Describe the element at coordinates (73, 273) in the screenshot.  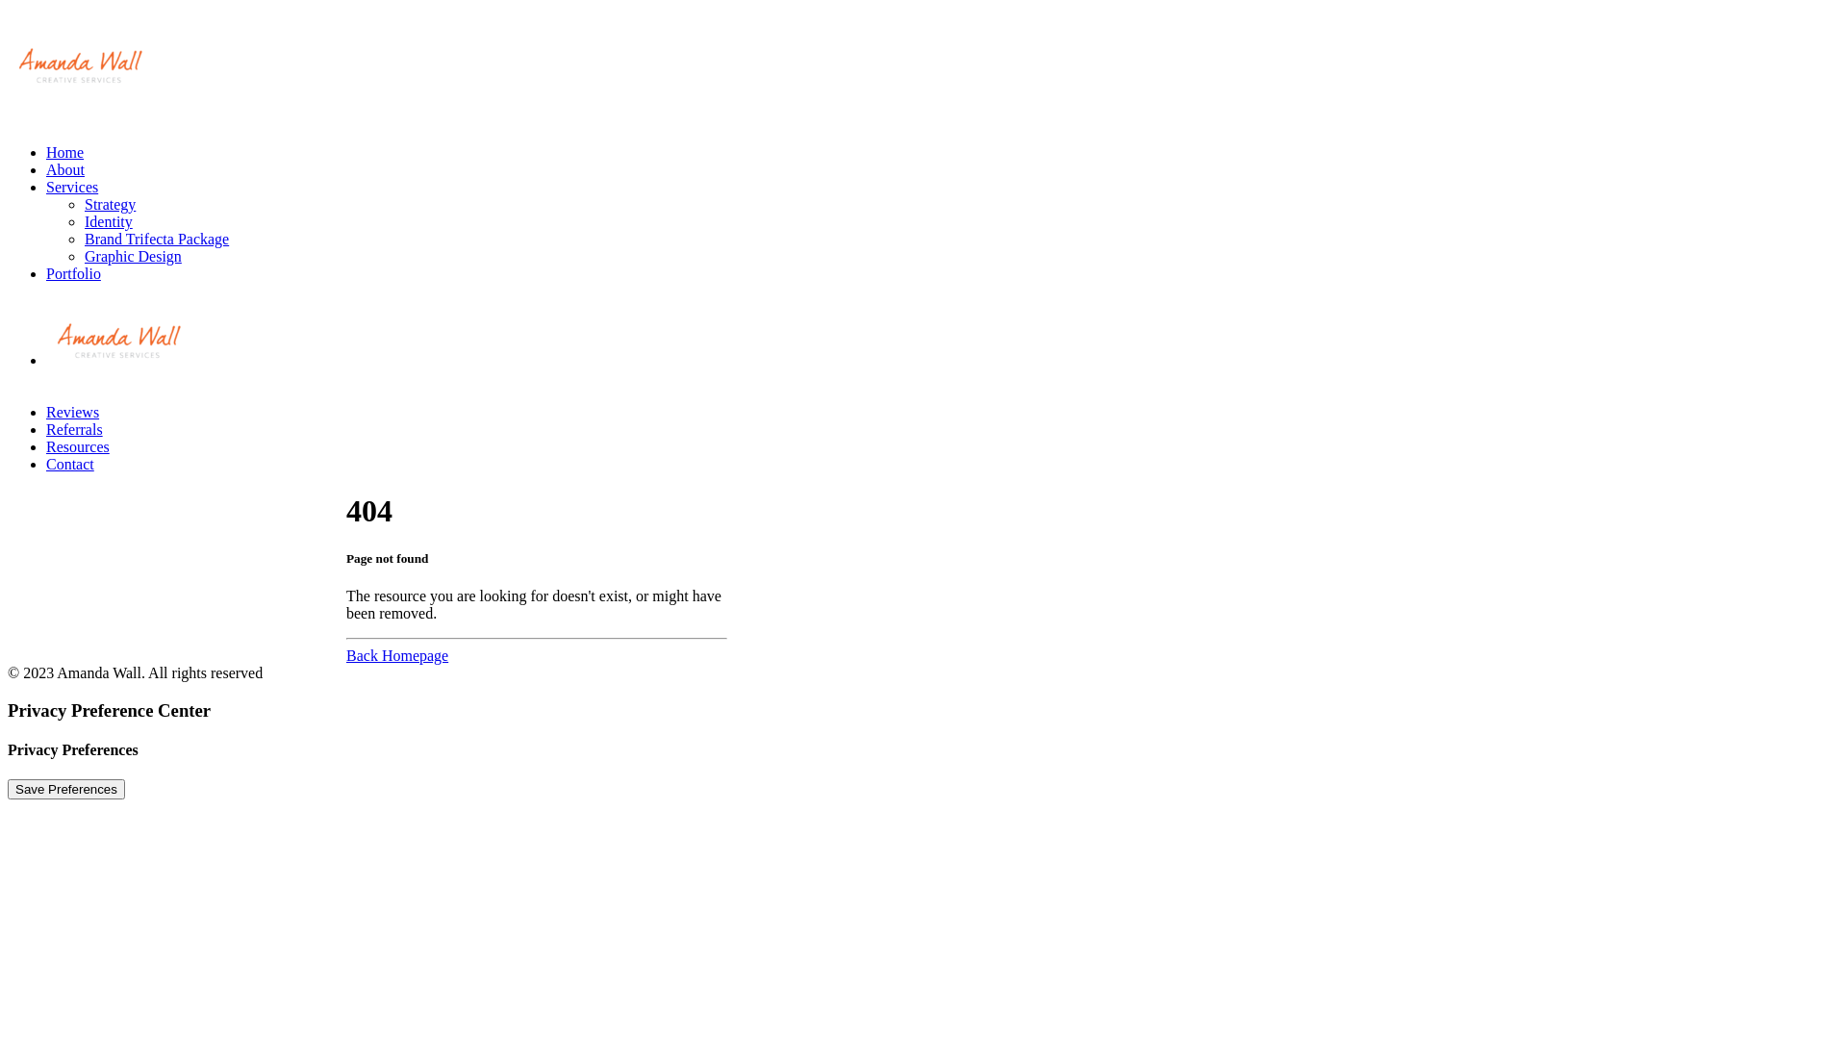
I see `'Portfolio'` at that location.